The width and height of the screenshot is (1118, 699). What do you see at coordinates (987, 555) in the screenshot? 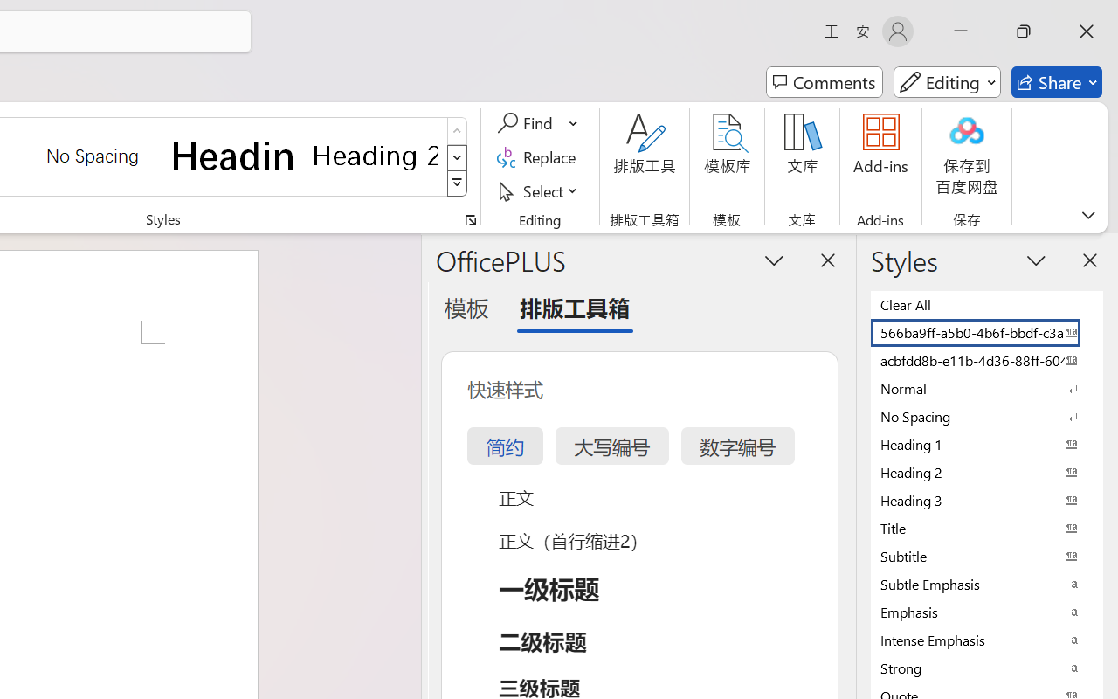
I see `'Subtitle'` at bounding box center [987, 555].